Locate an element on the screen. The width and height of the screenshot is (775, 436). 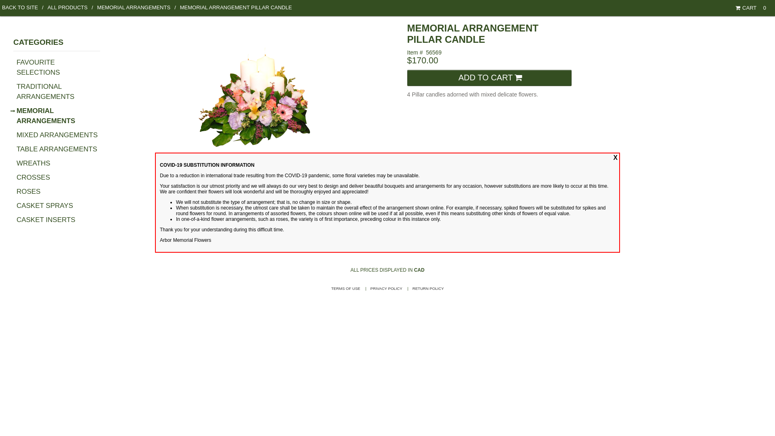
'CROSSES' is located at coordinates (33, 177).